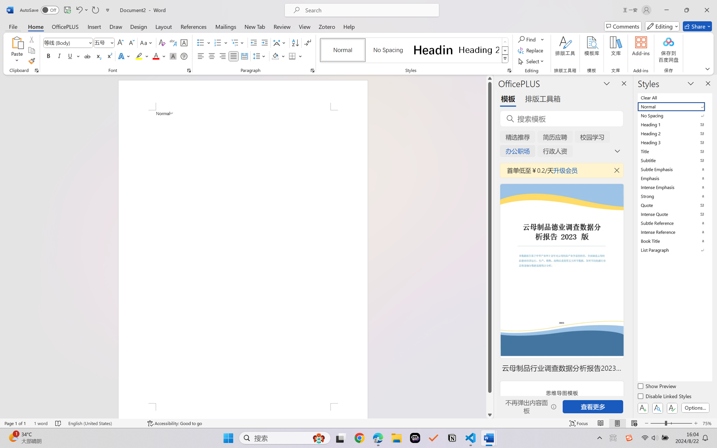  I want to click on 'Page 1 content', so click(243, 257).